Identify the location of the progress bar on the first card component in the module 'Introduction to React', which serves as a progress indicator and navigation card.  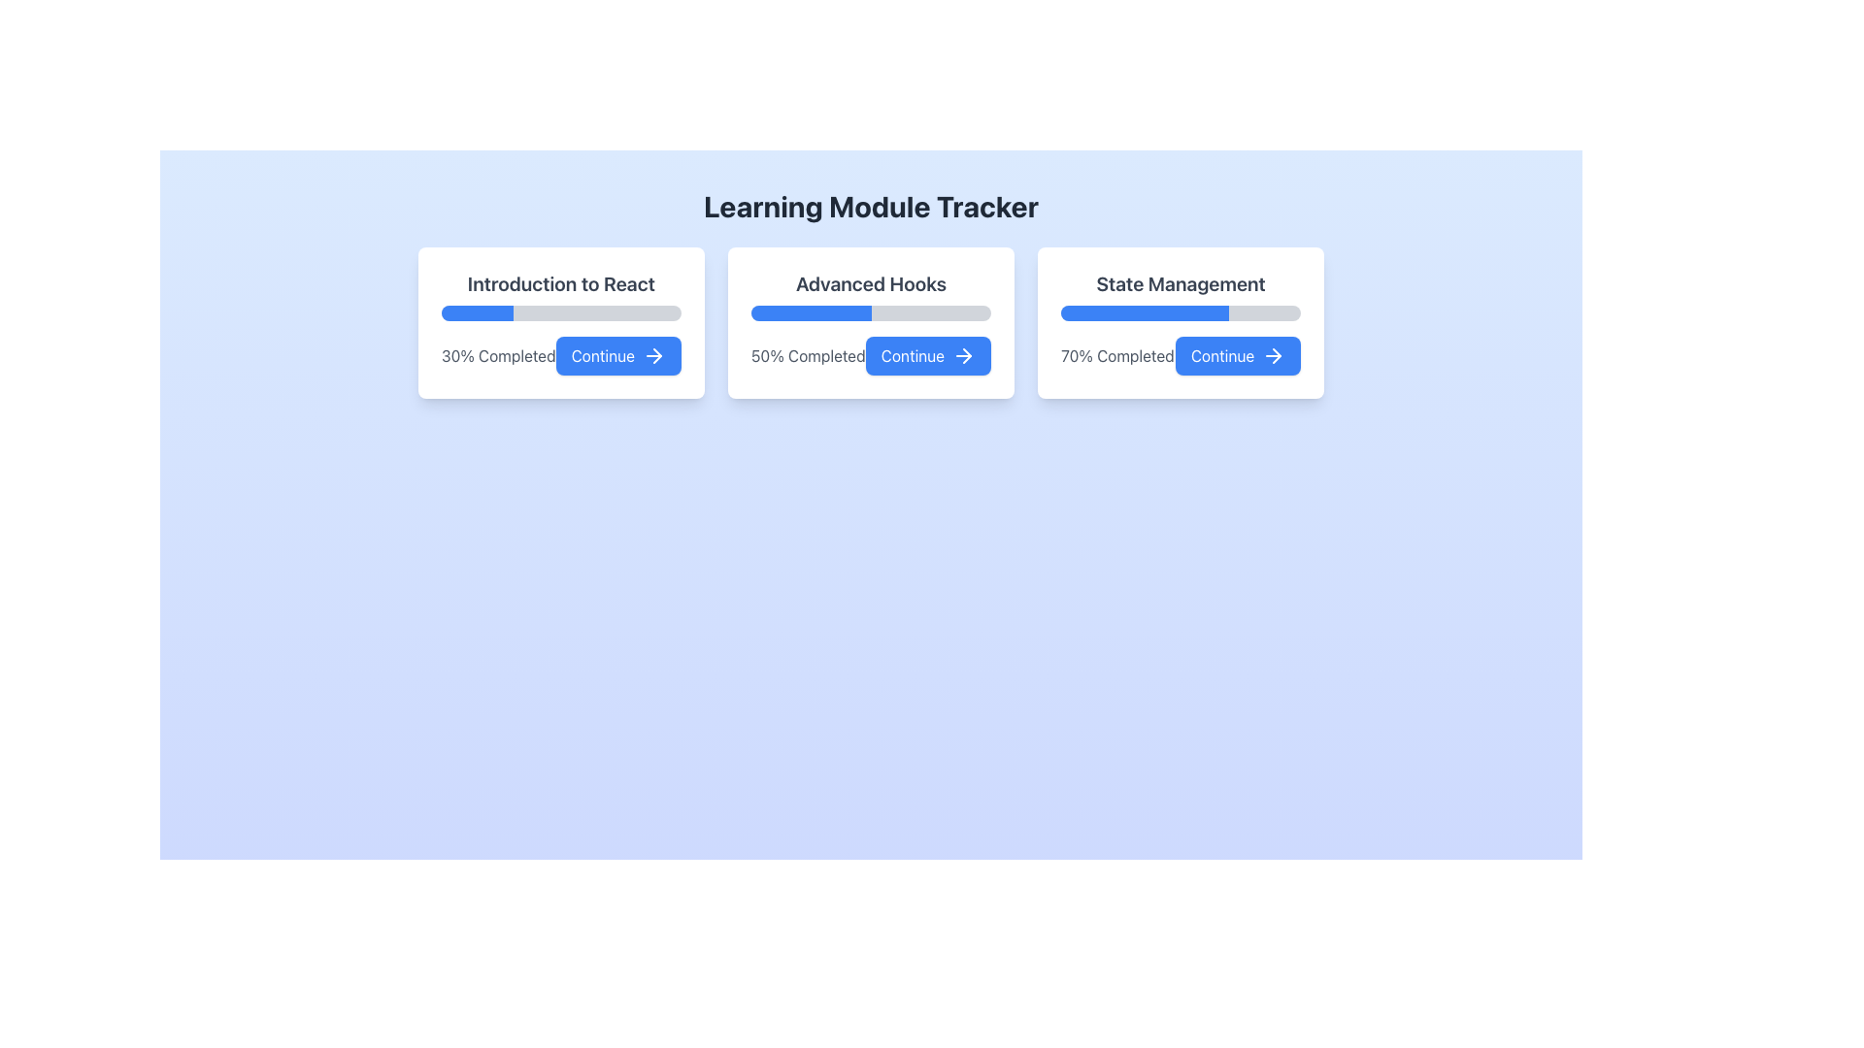
(560, 321).